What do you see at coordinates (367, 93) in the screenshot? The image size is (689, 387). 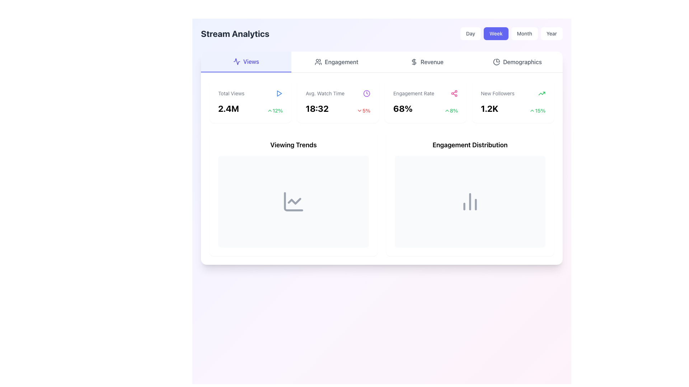 I see `the purple clock icon in the 'Avg. Watch Time' section` at bounding box center [367, 93].